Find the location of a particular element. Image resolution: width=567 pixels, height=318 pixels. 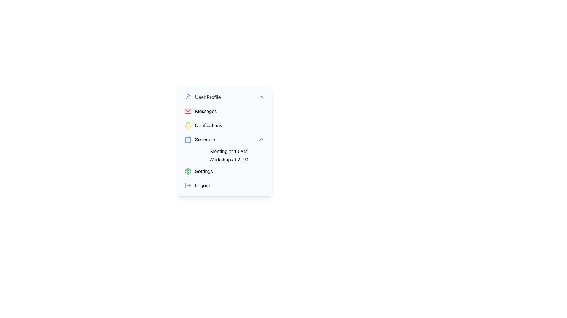

the 'Settings' text label in the vertical menu, which is the fifth item from the top, positioned between 'Schedule' and 'Logout' is located at coordinates (204, 171).